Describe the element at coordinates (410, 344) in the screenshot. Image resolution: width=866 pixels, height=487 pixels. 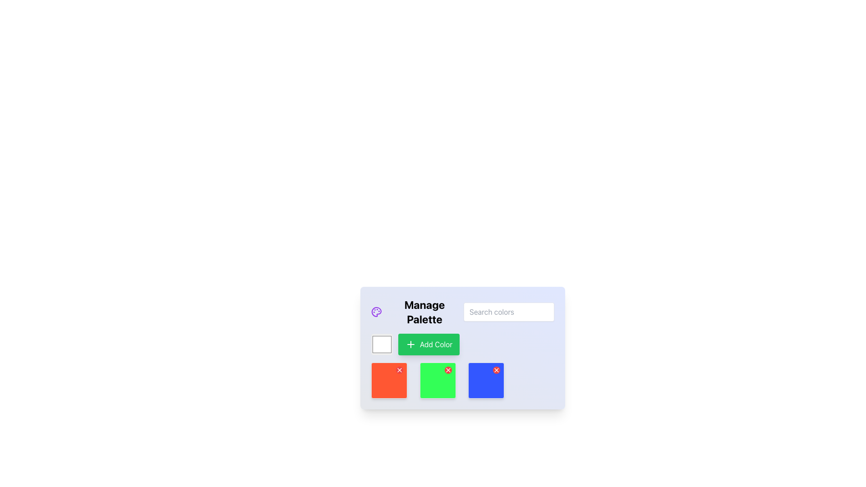
I see `the green 'Add Color' button located in the lower center region of the interface` at that location.